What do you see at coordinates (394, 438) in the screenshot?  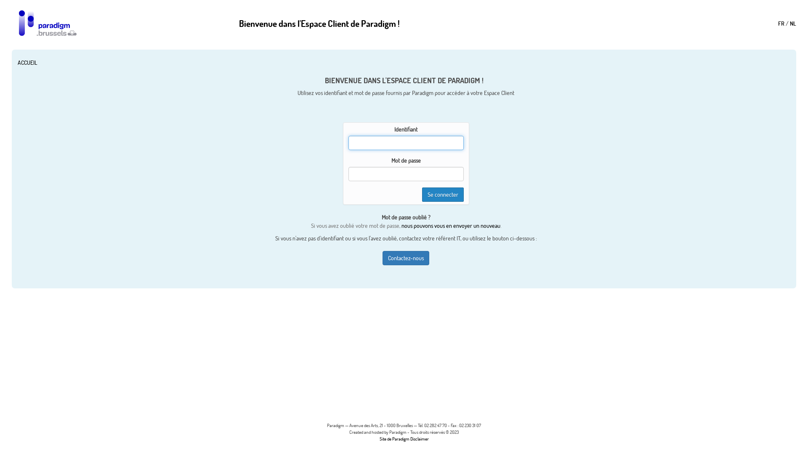 I see `'Site de Paradigm'` at bounding box center [394, 438].